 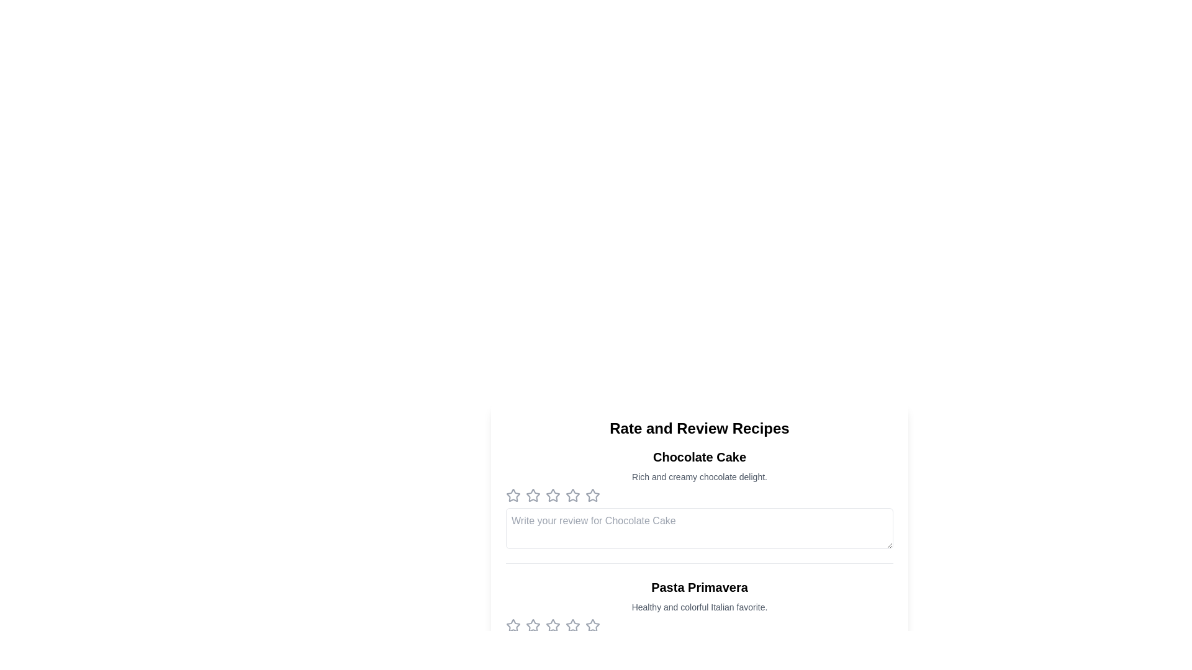 What do you see at coordinates (592, 626) in the screenshot?
I see `the fifth star icon in the rating system for accessibility navigation, located beneath the 'Pasta Primavera' heading` at bounding box center [592, 626].